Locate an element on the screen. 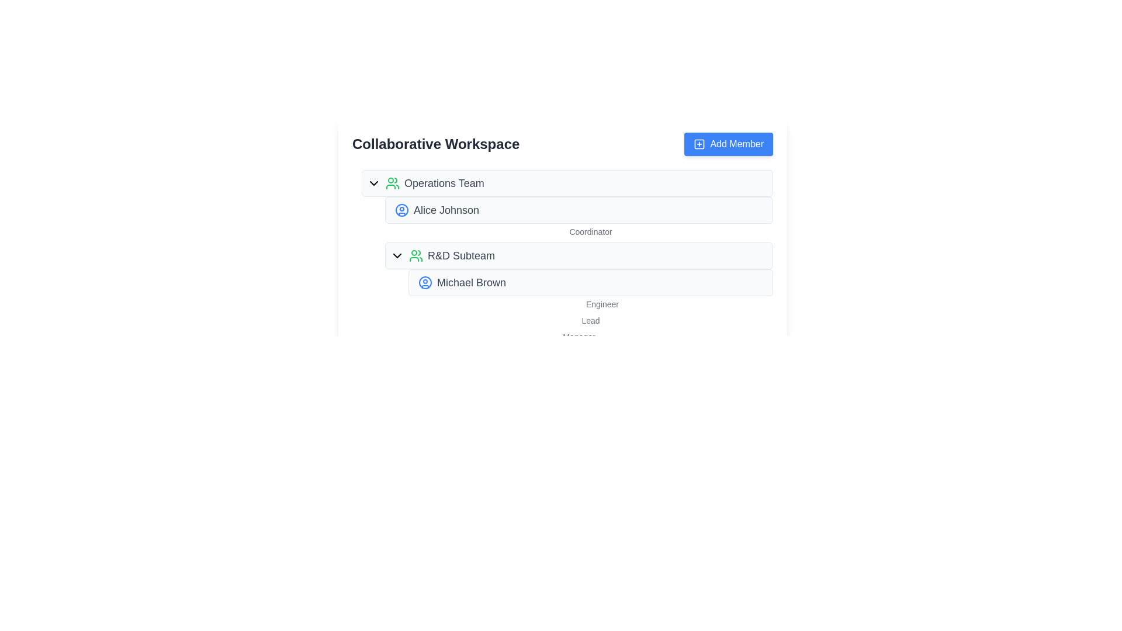 The height and width of the screenshot is (631, 1122). the 'R&D Subteam' icon, which is the leftmost item in the horizontal layout of the second group beneath 'Operations Team' is located at coordinates (415, 255).